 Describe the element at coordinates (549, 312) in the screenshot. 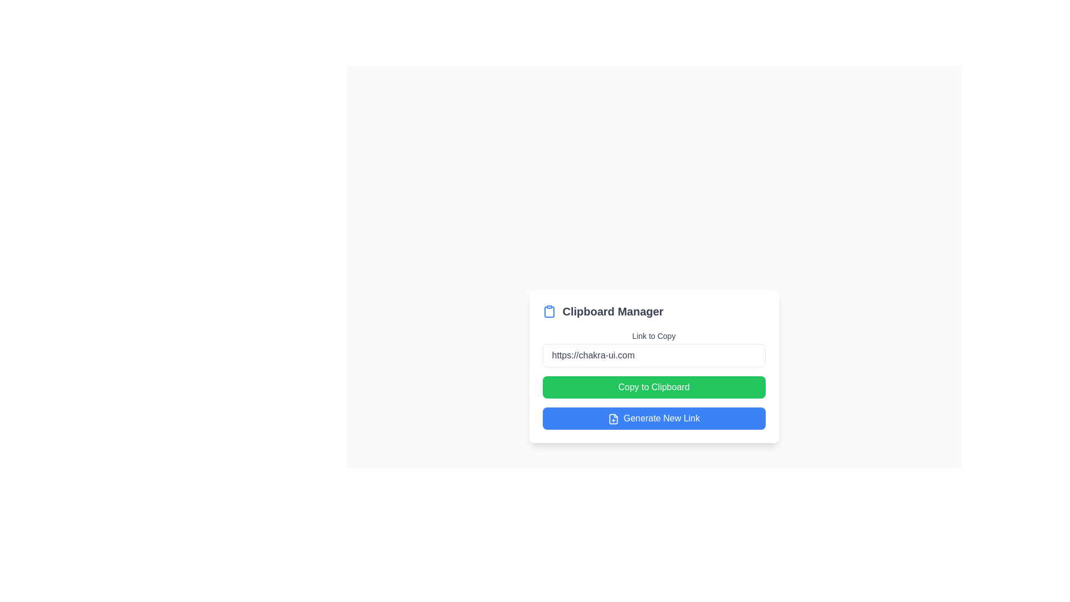

I see `clipboard icon, which is a blue rectangular icon with a handle, located to the left of the 'Clipboard Manager' text` at that location.